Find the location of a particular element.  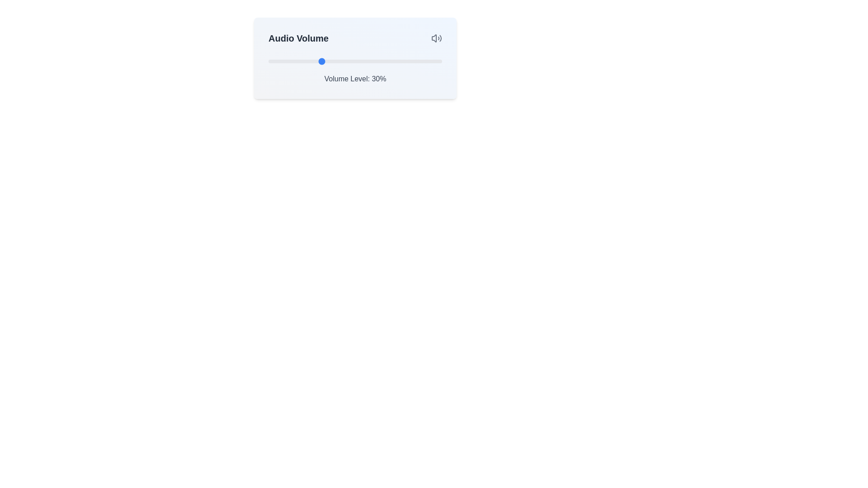

audio volume is located at coordinates (417, 61).